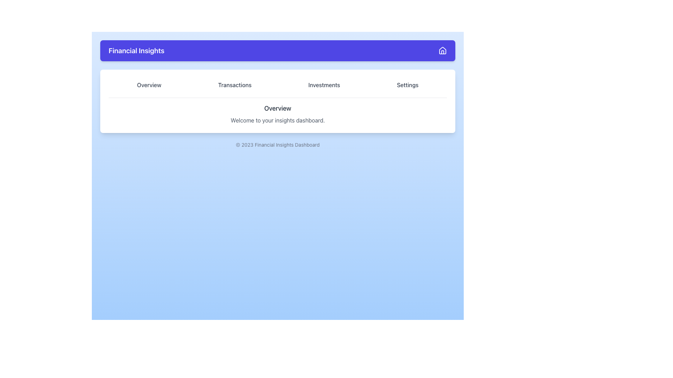 This screenshot has height=378, width=673. Describe the element at coordinates (277, 108) in the screenshot. I see `the static text element styled as a heading, which serves as a prominent title for the section, located centrally above a descriptive text element and below a horizontal menu bar` at that location.